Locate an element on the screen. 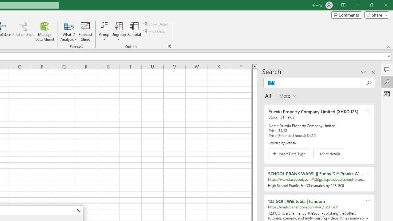 This screenshot has width=393, height=221. 'Relationships' is located at coordinates (23, 32).